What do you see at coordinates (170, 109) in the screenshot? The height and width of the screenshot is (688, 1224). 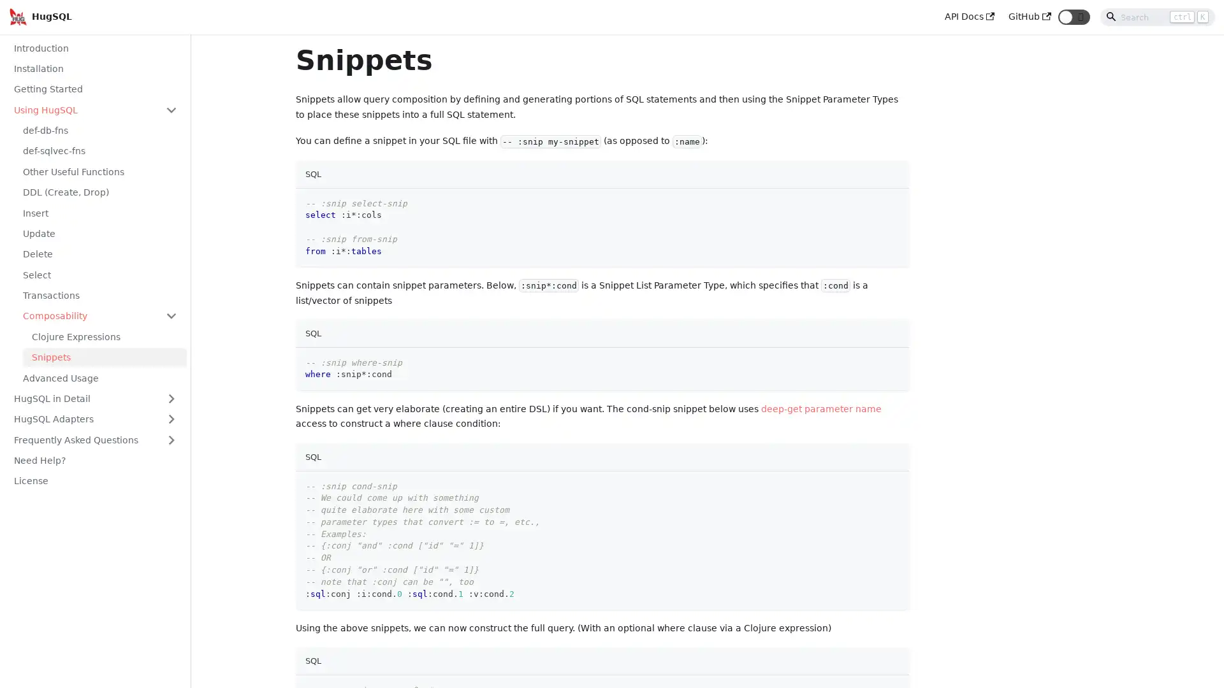 I see `Toggle the collapsible sidebar category 'Using HugSQL'` at bounding box center [170, 109].